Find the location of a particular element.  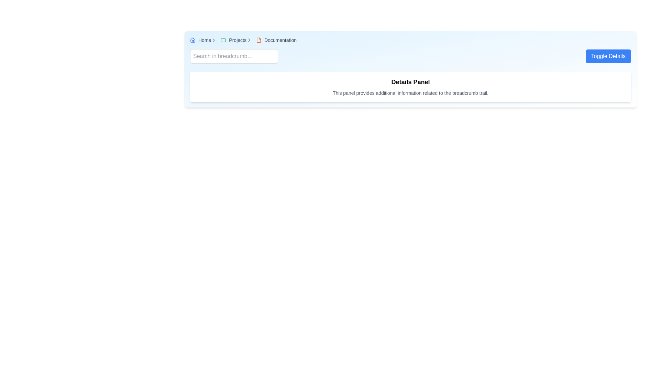

the breadcrumb link labeled 'Documentation' with an orange file icon, located in the breadcrumb navigation bar at the top of the interface is located at coordinates (276, 40).